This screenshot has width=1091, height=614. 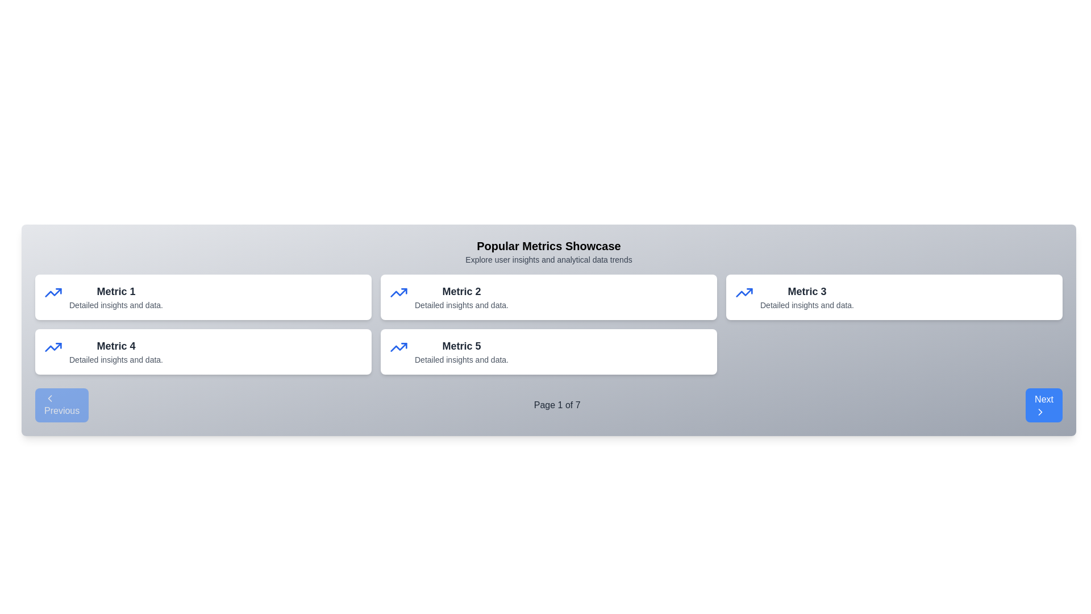 I want to click on text label that displays 'Detailed insights and data.' located under the card labeled 'Metric 2' in the second column of the top row of cards, so click(x=461, y=304).